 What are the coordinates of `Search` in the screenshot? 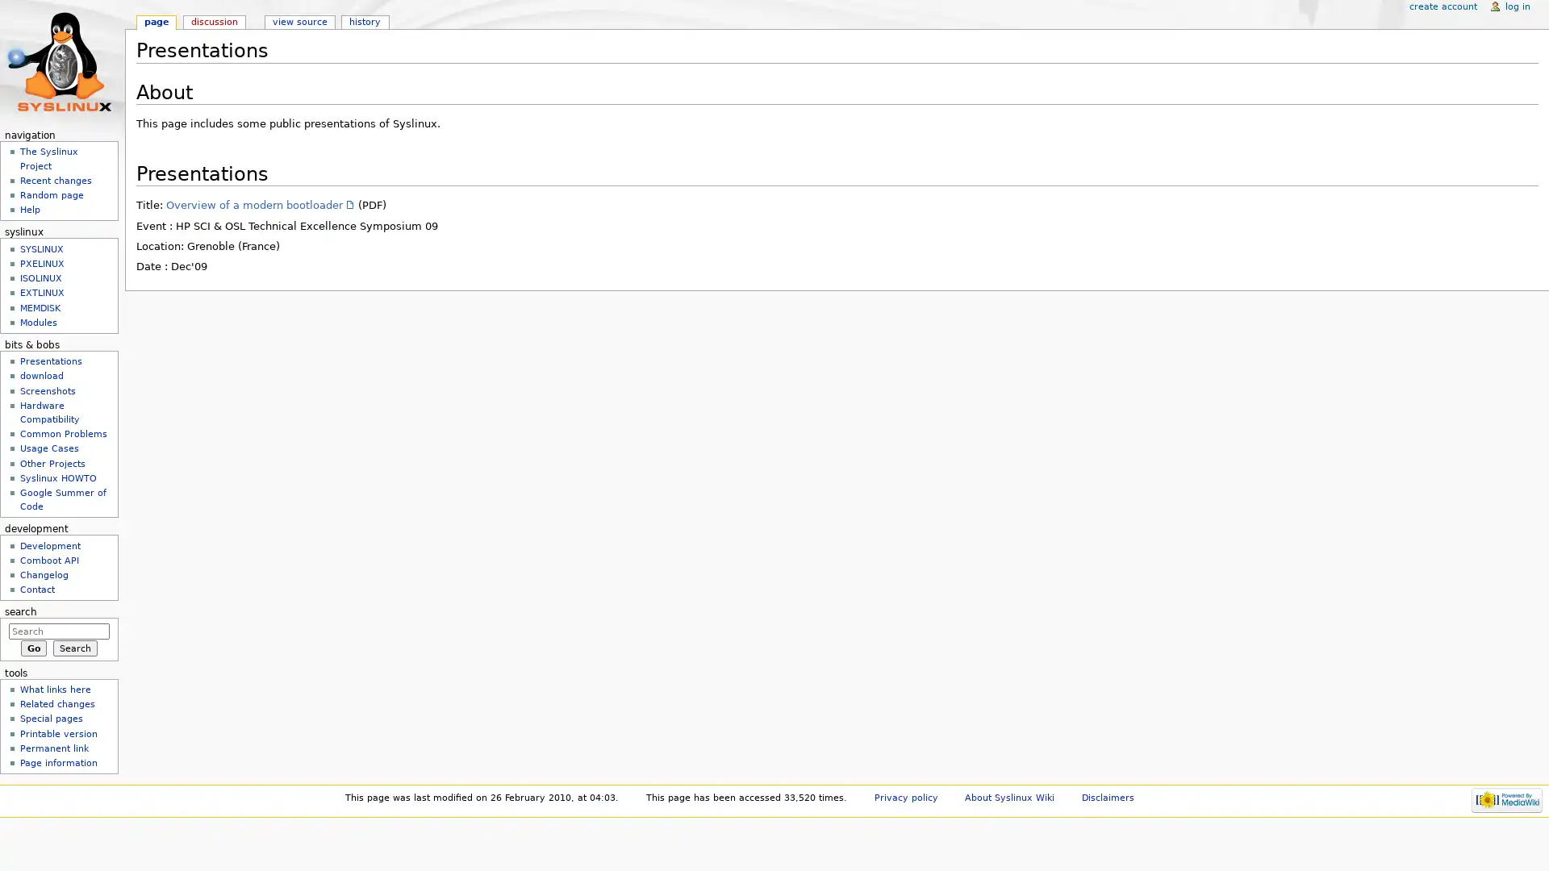 It's located at (74, 647).